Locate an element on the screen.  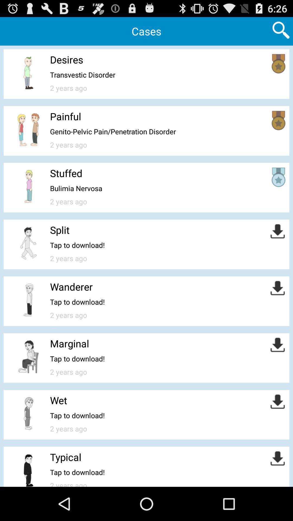
icon above the tap to download! app is located at coordinates (59, 400).